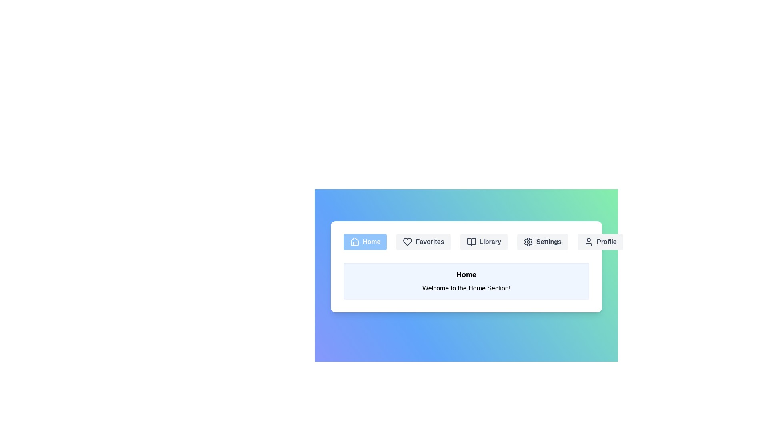 The height and width of the screenshot is (432, 768). What do you see at coordinates (589, 242) in the screenshot?
I see `the decorative 'Profile' icon located at the far right of the horizontal navigation bar in the top section of the interface` at bounding box center [589, 242].